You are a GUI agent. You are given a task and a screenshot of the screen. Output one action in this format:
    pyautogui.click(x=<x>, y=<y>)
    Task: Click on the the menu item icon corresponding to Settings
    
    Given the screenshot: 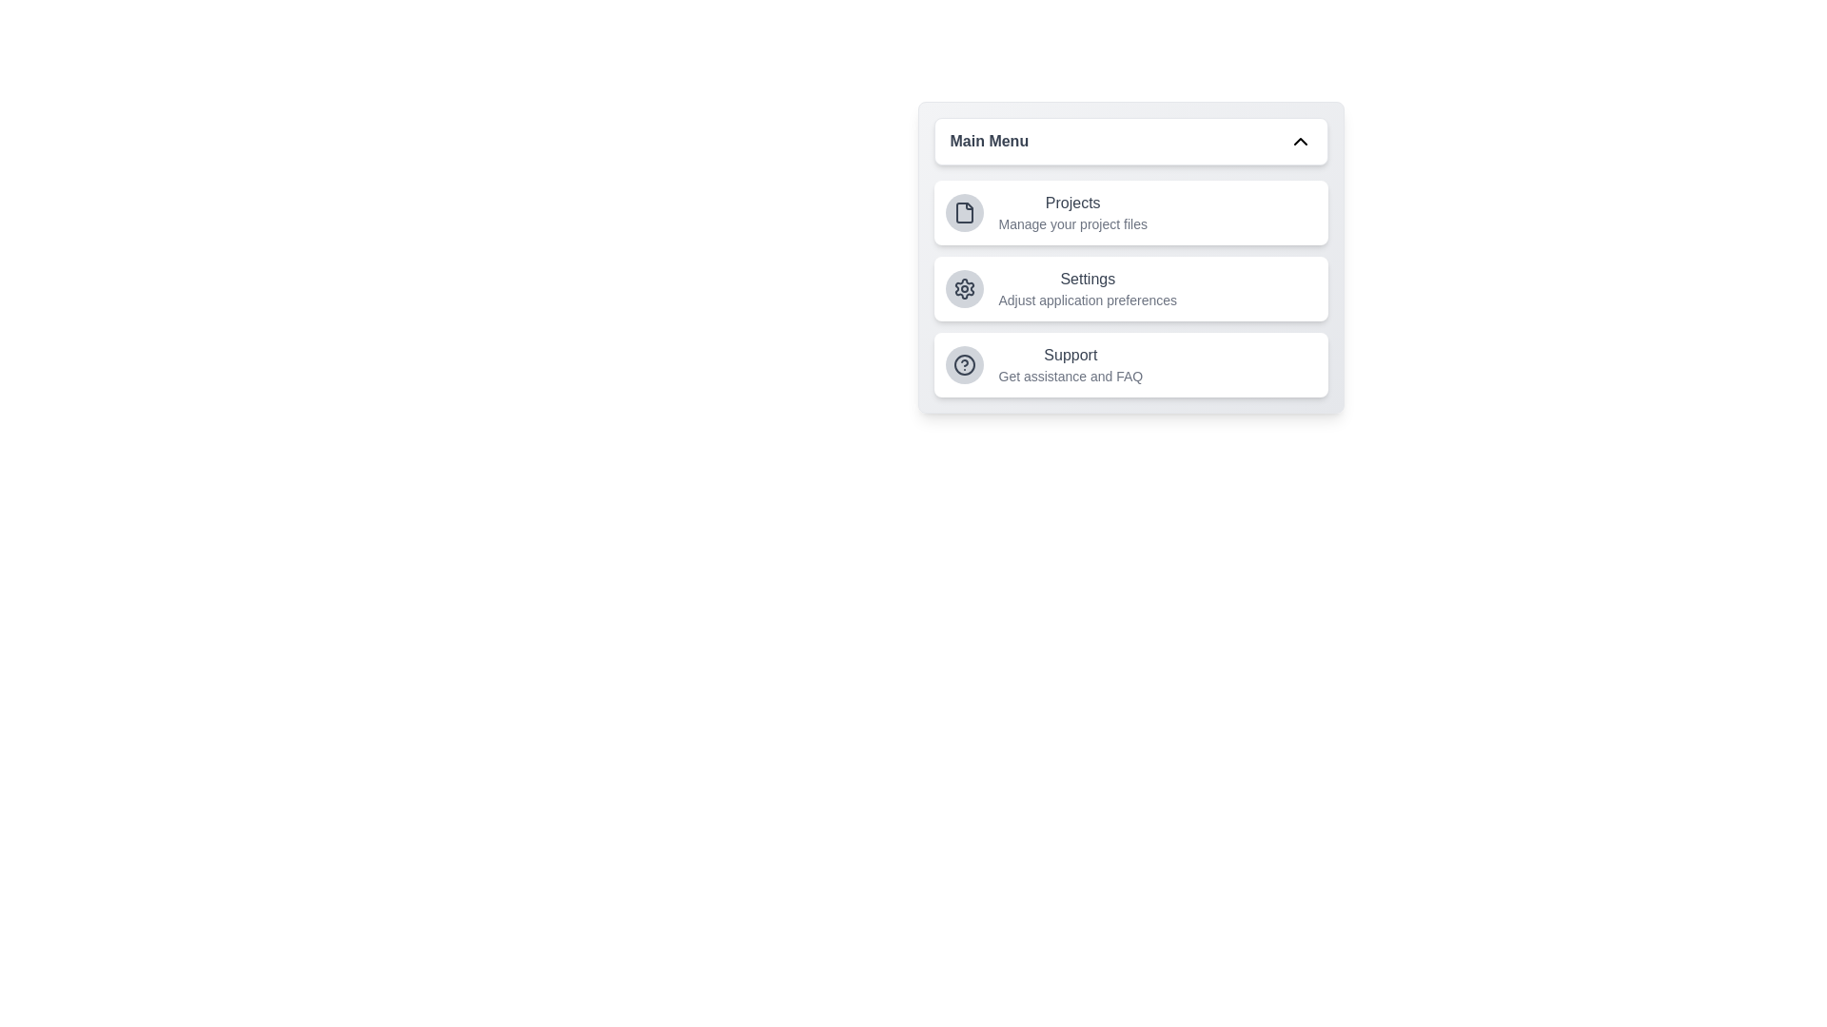 What is the action you would take?
    pyautogui.click(x=964, y=289)
    